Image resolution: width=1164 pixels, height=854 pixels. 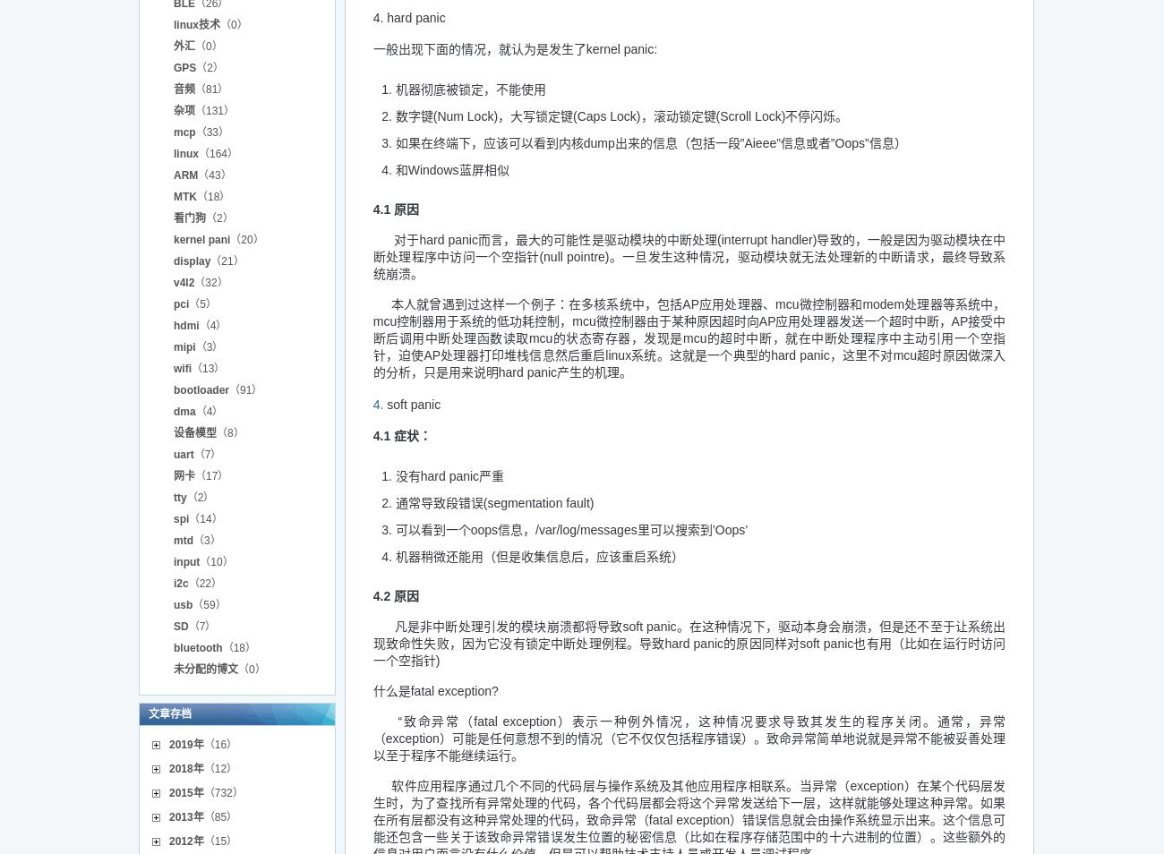 I want to click on '（85）', so click(x=201, y=816).